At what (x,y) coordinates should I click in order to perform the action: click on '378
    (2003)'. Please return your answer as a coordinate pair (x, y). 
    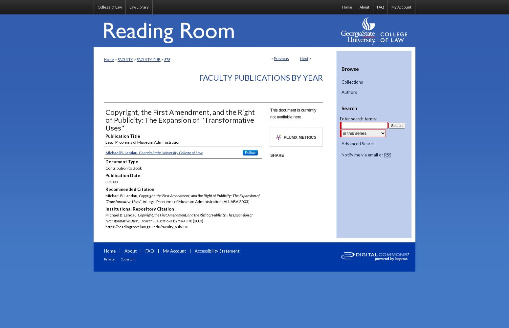
    Looking at the image, I should click on (194, 221).